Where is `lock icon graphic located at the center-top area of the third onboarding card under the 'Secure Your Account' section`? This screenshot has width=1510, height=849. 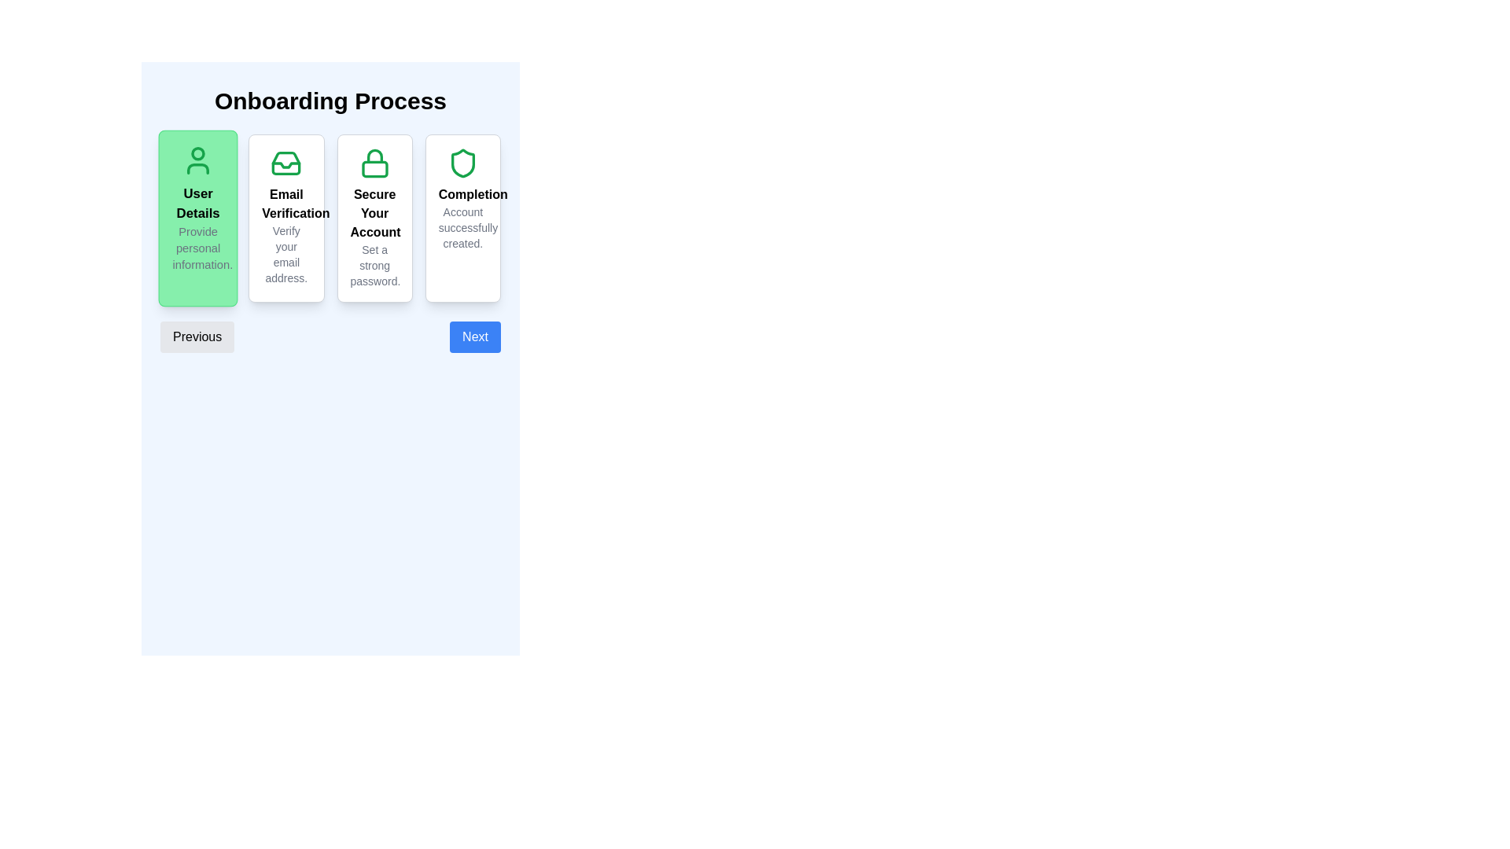
lock icon graphic located at the center-top area of the third onboarding card under the 'Secure Your Account' section is located at coordinates (374, 156).